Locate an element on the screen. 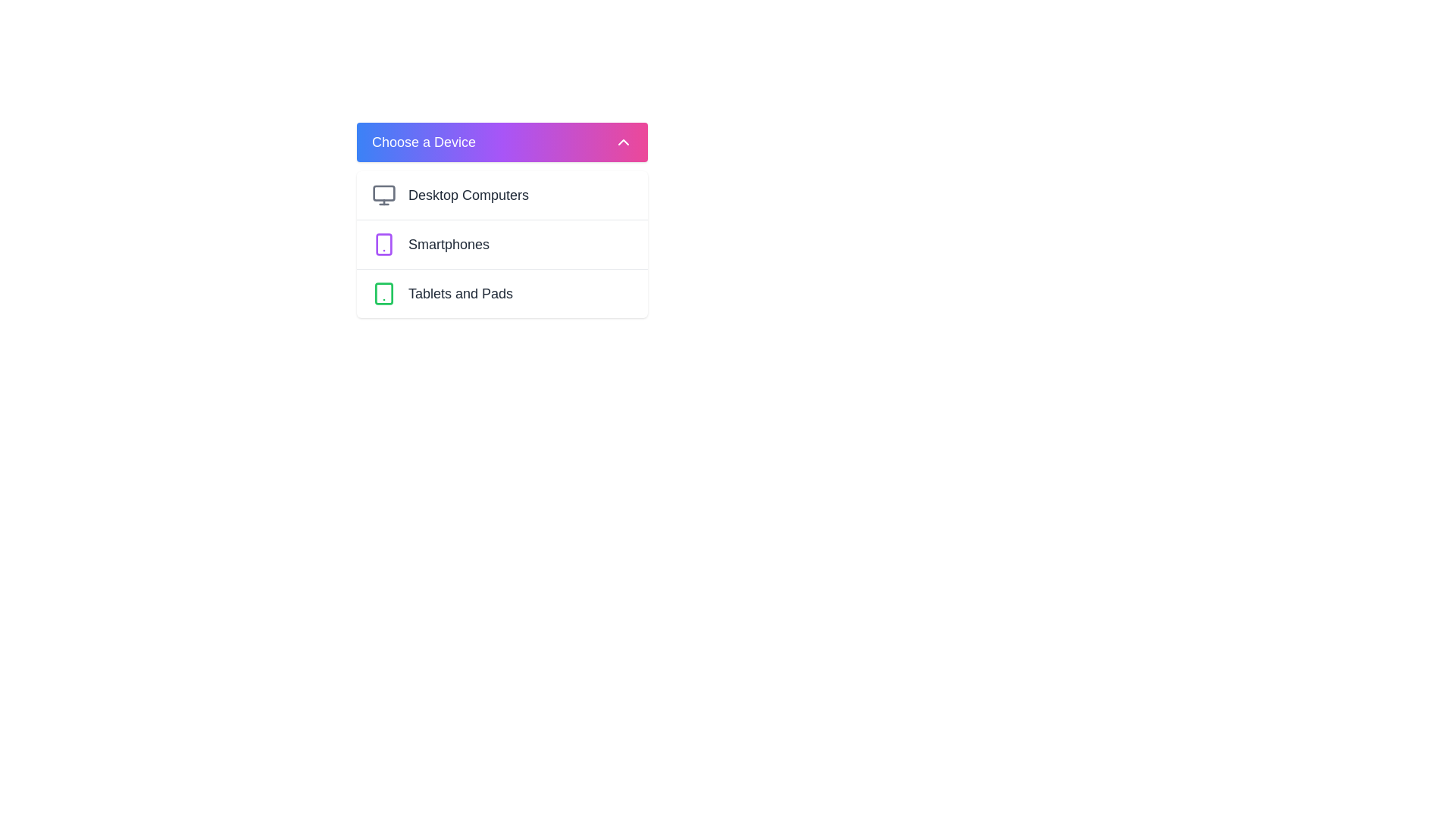 This screenshot has height=818, width=1455. the 'Smartphones' button located in the dropdown menu under 'Choose a Device' is located at coordinates (502, 242).